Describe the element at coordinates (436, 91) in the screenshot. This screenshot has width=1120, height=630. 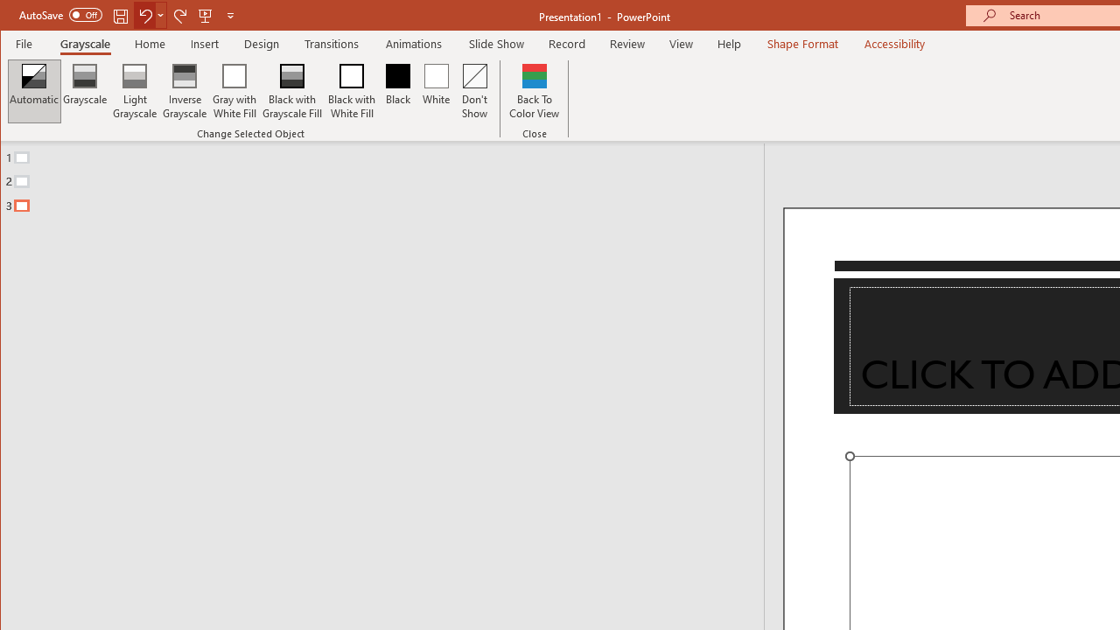
I see `'White'` at that location.